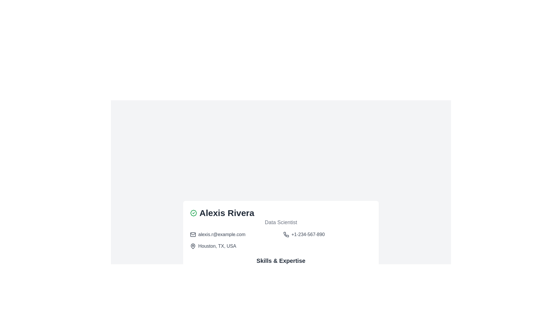  Describe the element at coordinates (193, 234) in the screenshot. I see `the small rectangle with a rounded border that resembles an envelope shape, located inside the email icon representation in the profile card below the name 'Alexis Rivera'` at that location.